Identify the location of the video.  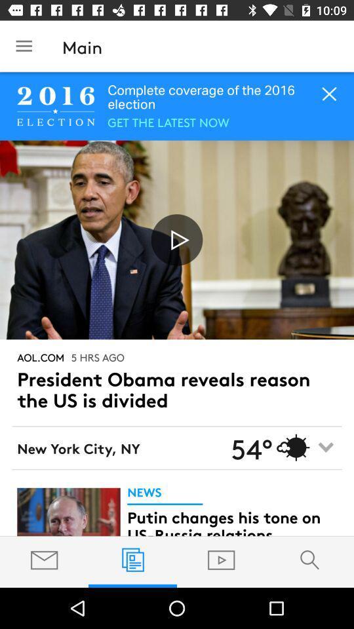
(177, 239).